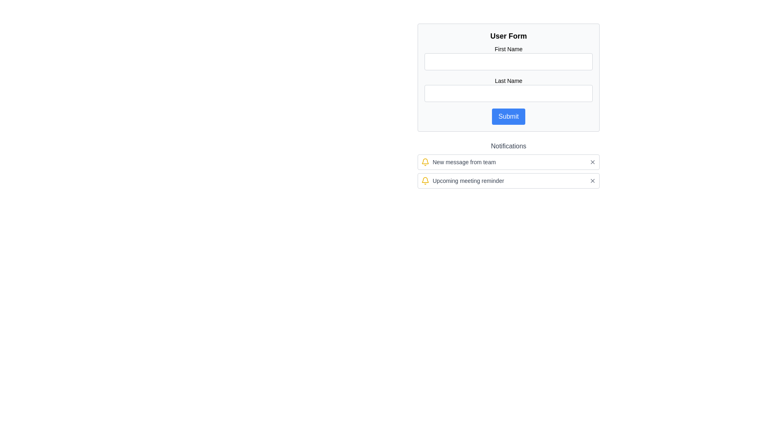 Image resolution: width=780 pixels, height=439 pixels. What do you see at coordinates (508, 78) in the screenshot?
I see `inside the input fields of the form interface to type the user's first and last names` at bounding box center [508, 78].